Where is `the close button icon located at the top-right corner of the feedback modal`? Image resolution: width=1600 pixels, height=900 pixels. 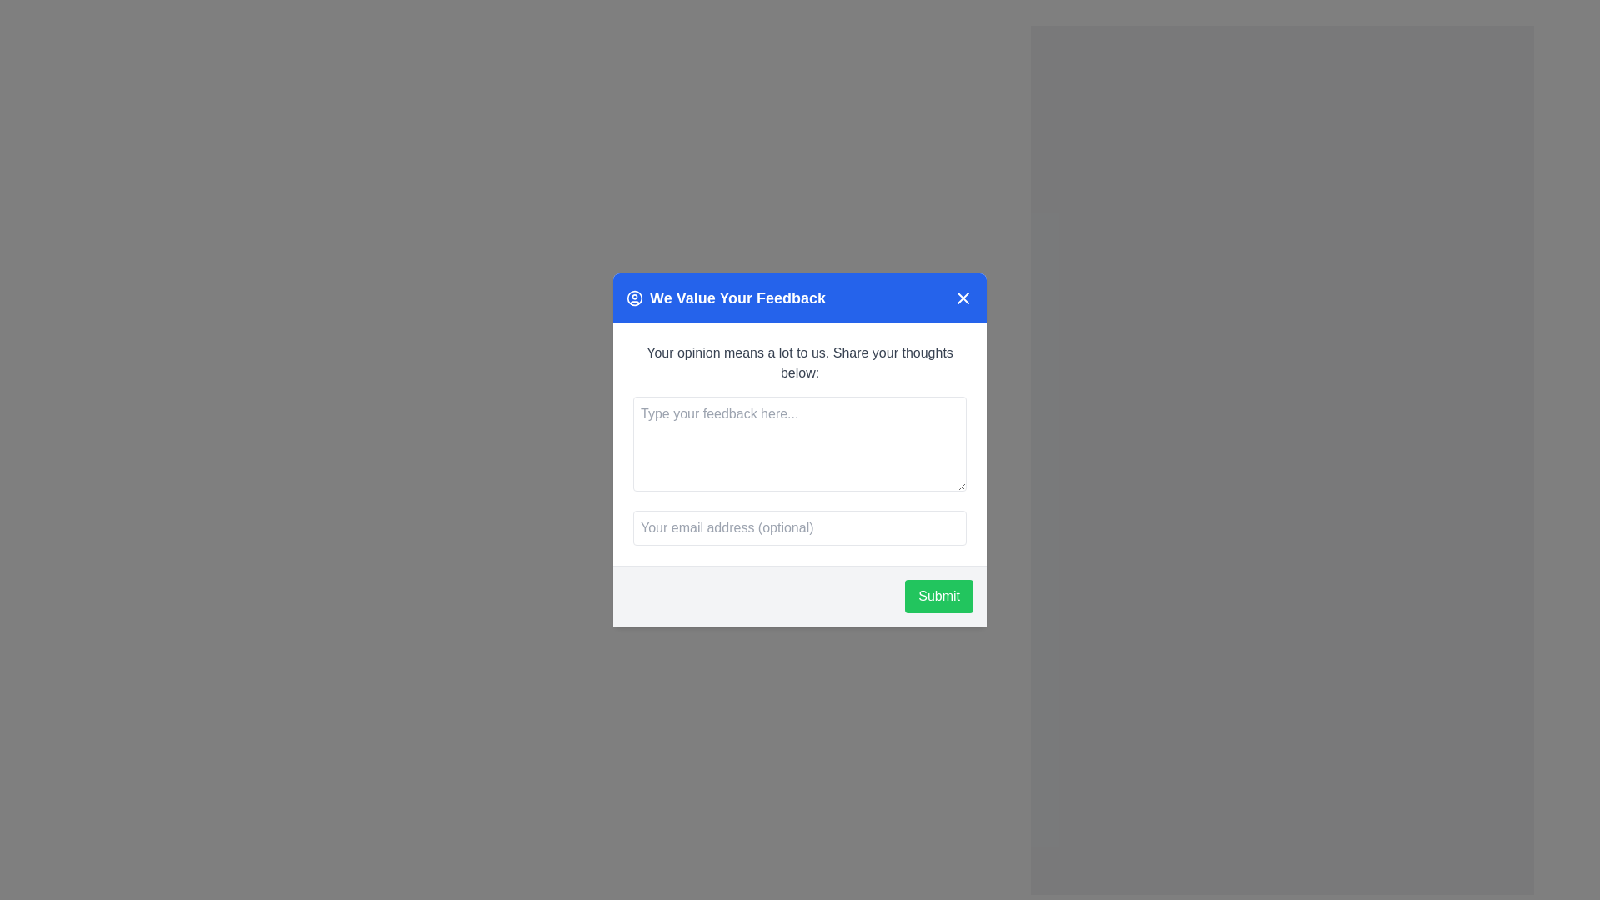
the close button icon located at the top-right corner of the feedback modal is located at coordinates (963, 297).